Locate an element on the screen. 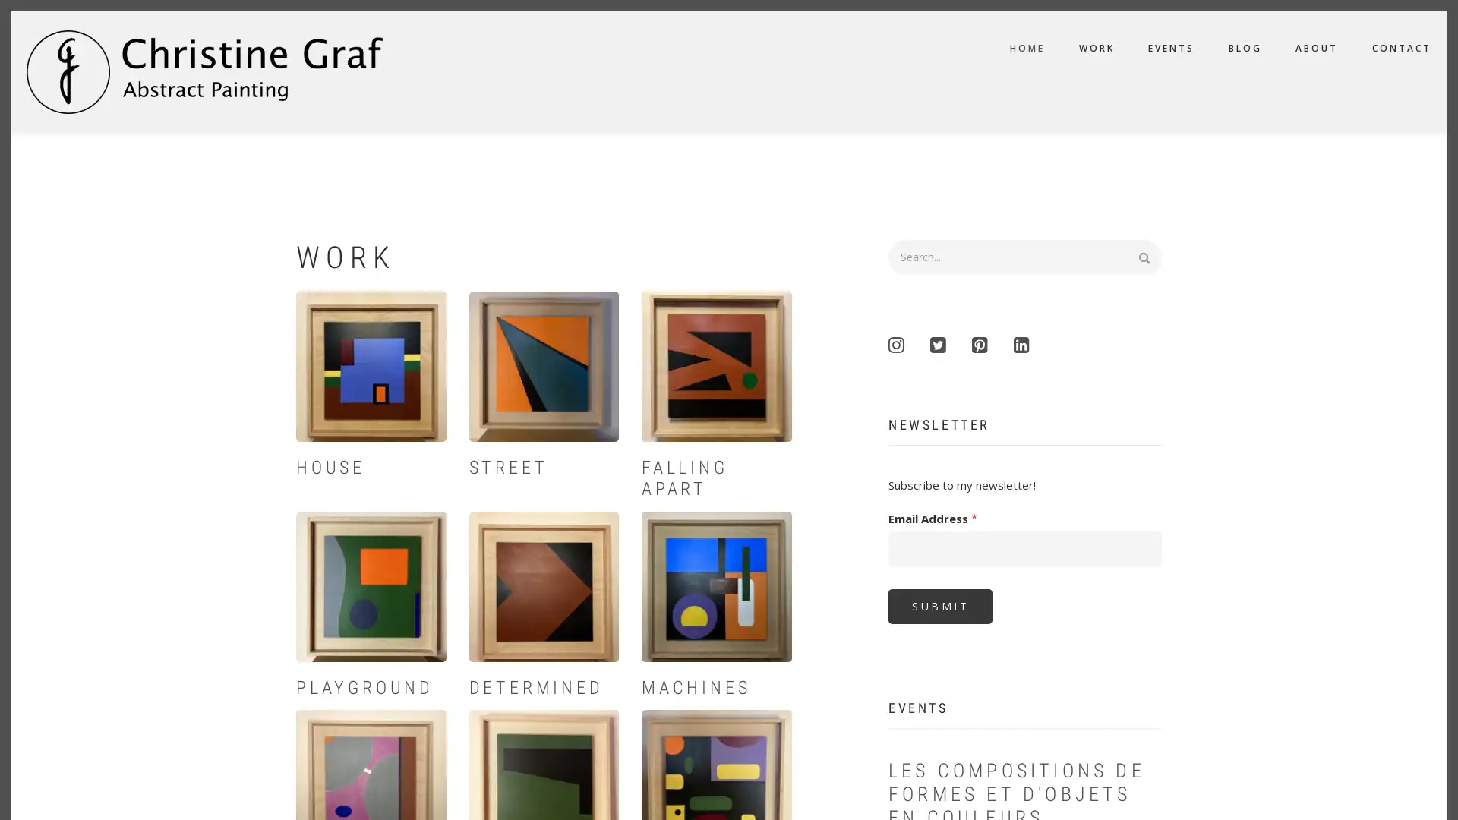 This screenshot has height=820, width=1458. Submit is located at coordinates (939, 605).